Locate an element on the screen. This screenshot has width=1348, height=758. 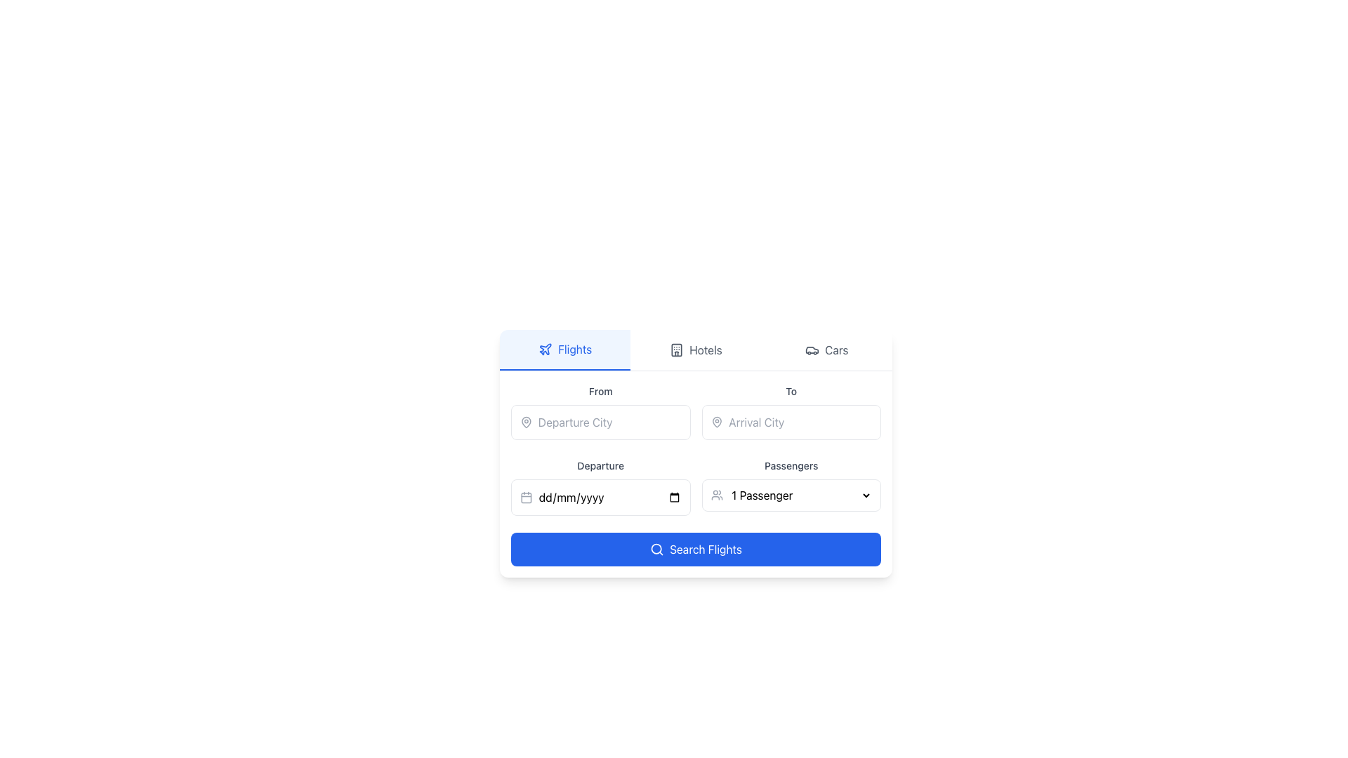
the departure city input field located is located at coordinates (600, 411).